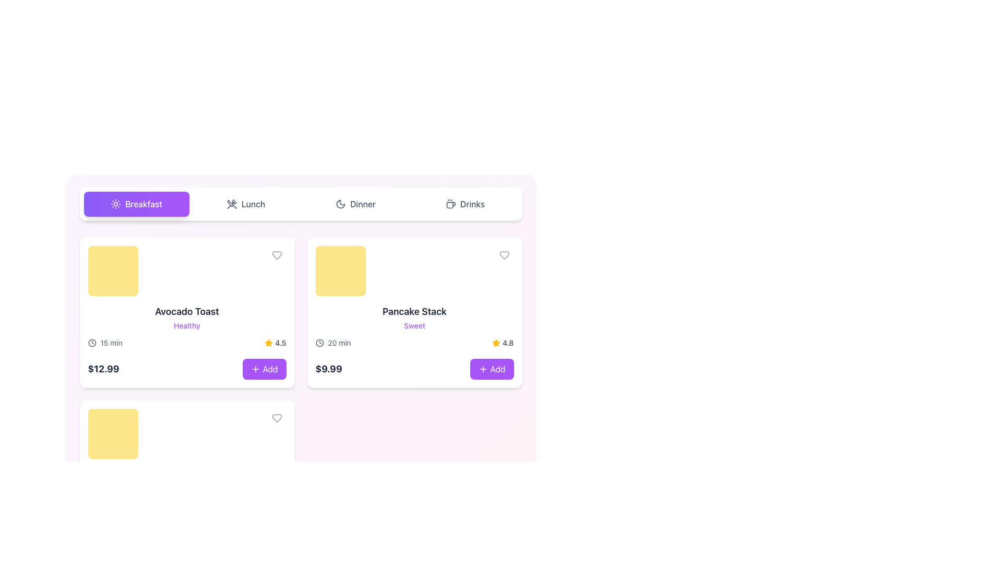  Describe the element at coordinates (143, 204) in the screenshot. I see `non-interactive text label 'Breakfast' displayed in a button-like component against a gradient purple background` at that location.